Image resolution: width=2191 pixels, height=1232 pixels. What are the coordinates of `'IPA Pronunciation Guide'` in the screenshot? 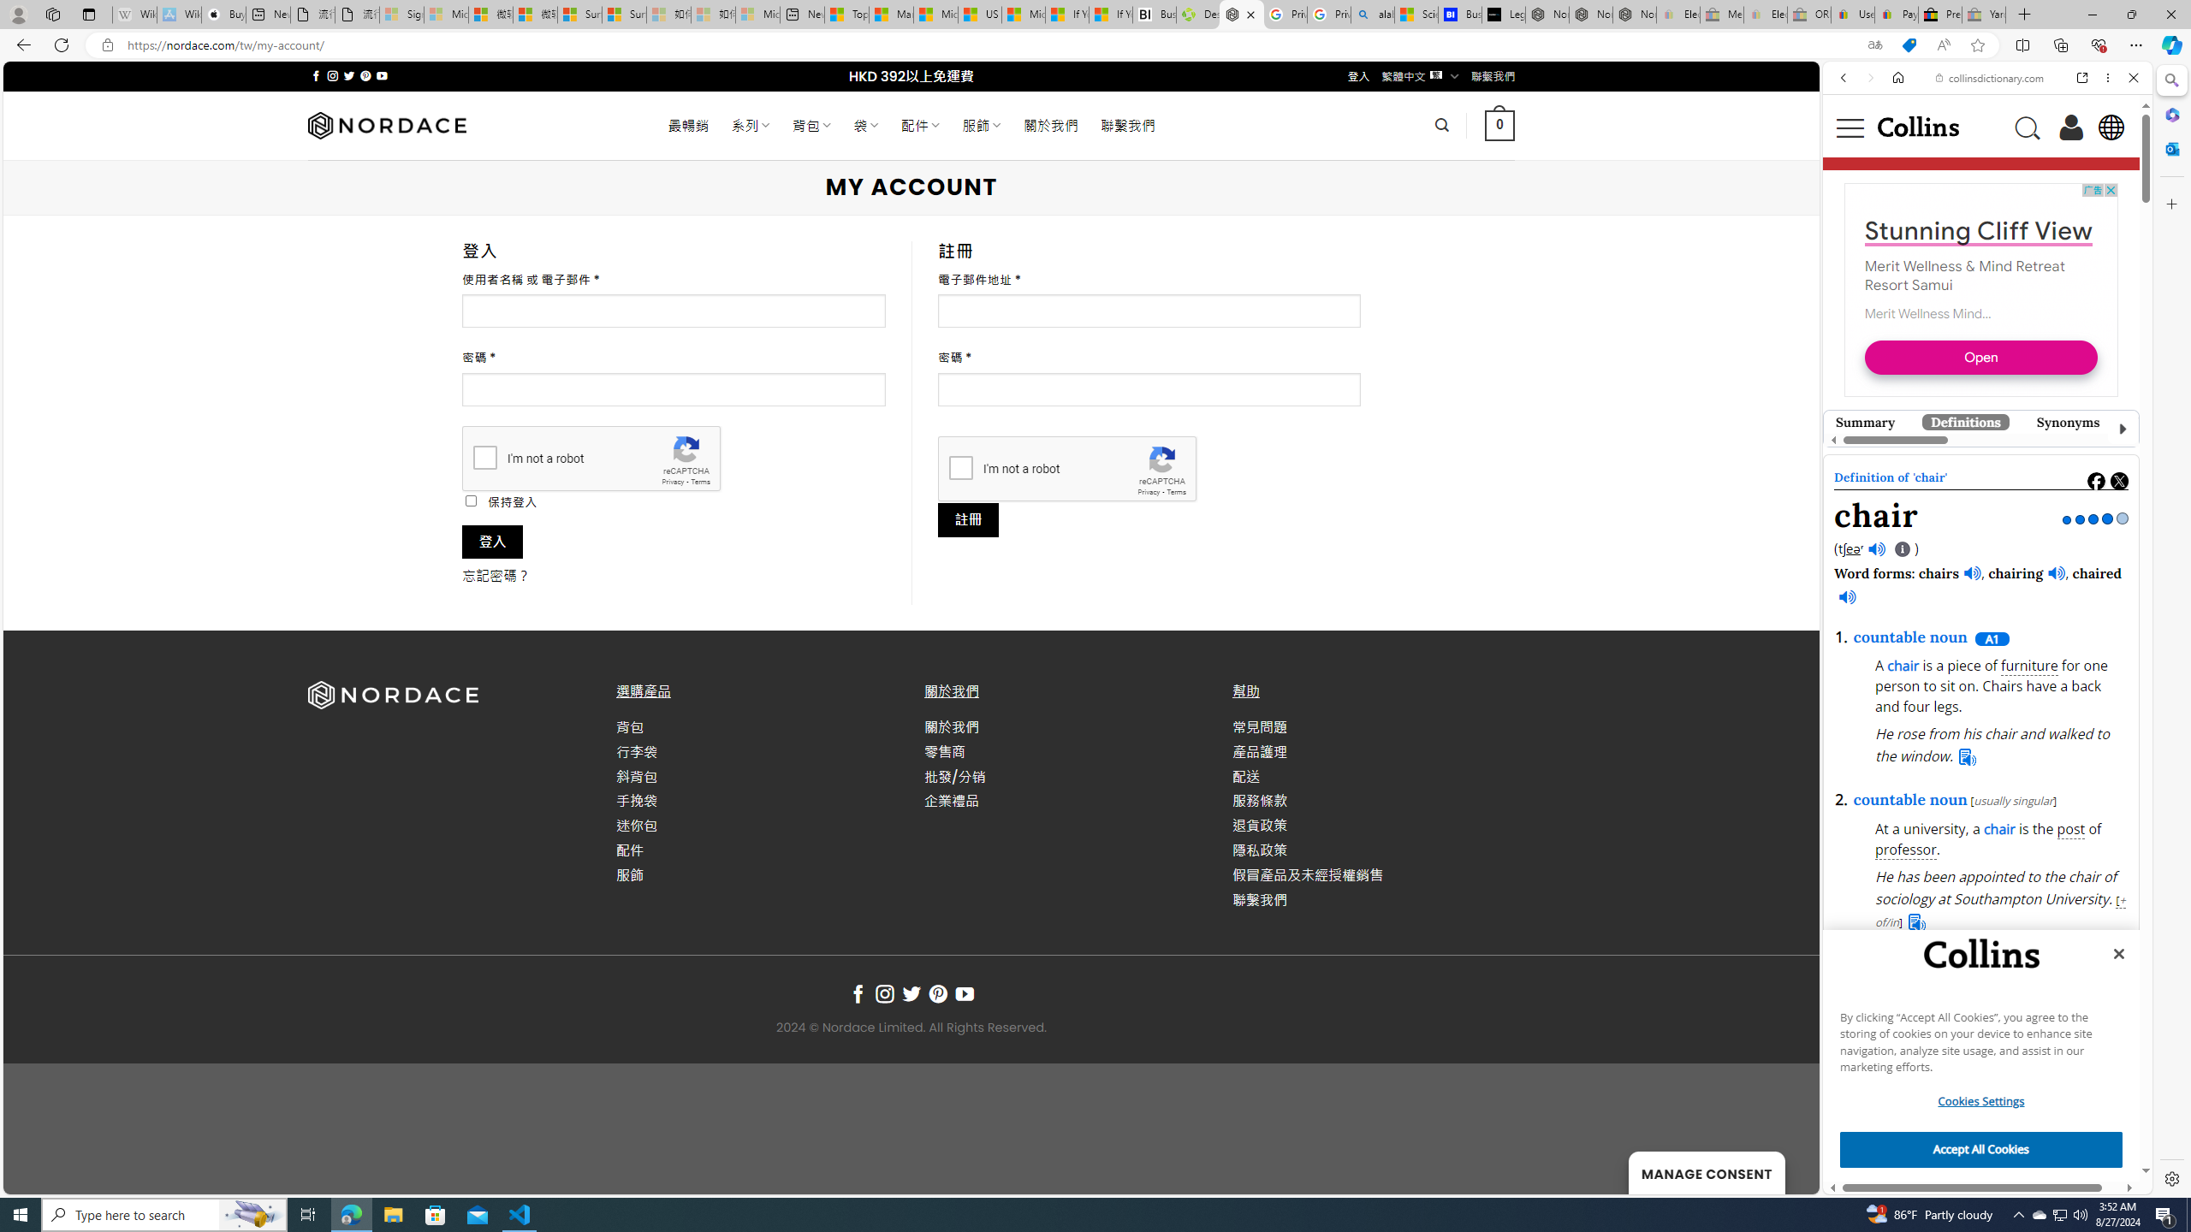 It's located at (1902, 549).